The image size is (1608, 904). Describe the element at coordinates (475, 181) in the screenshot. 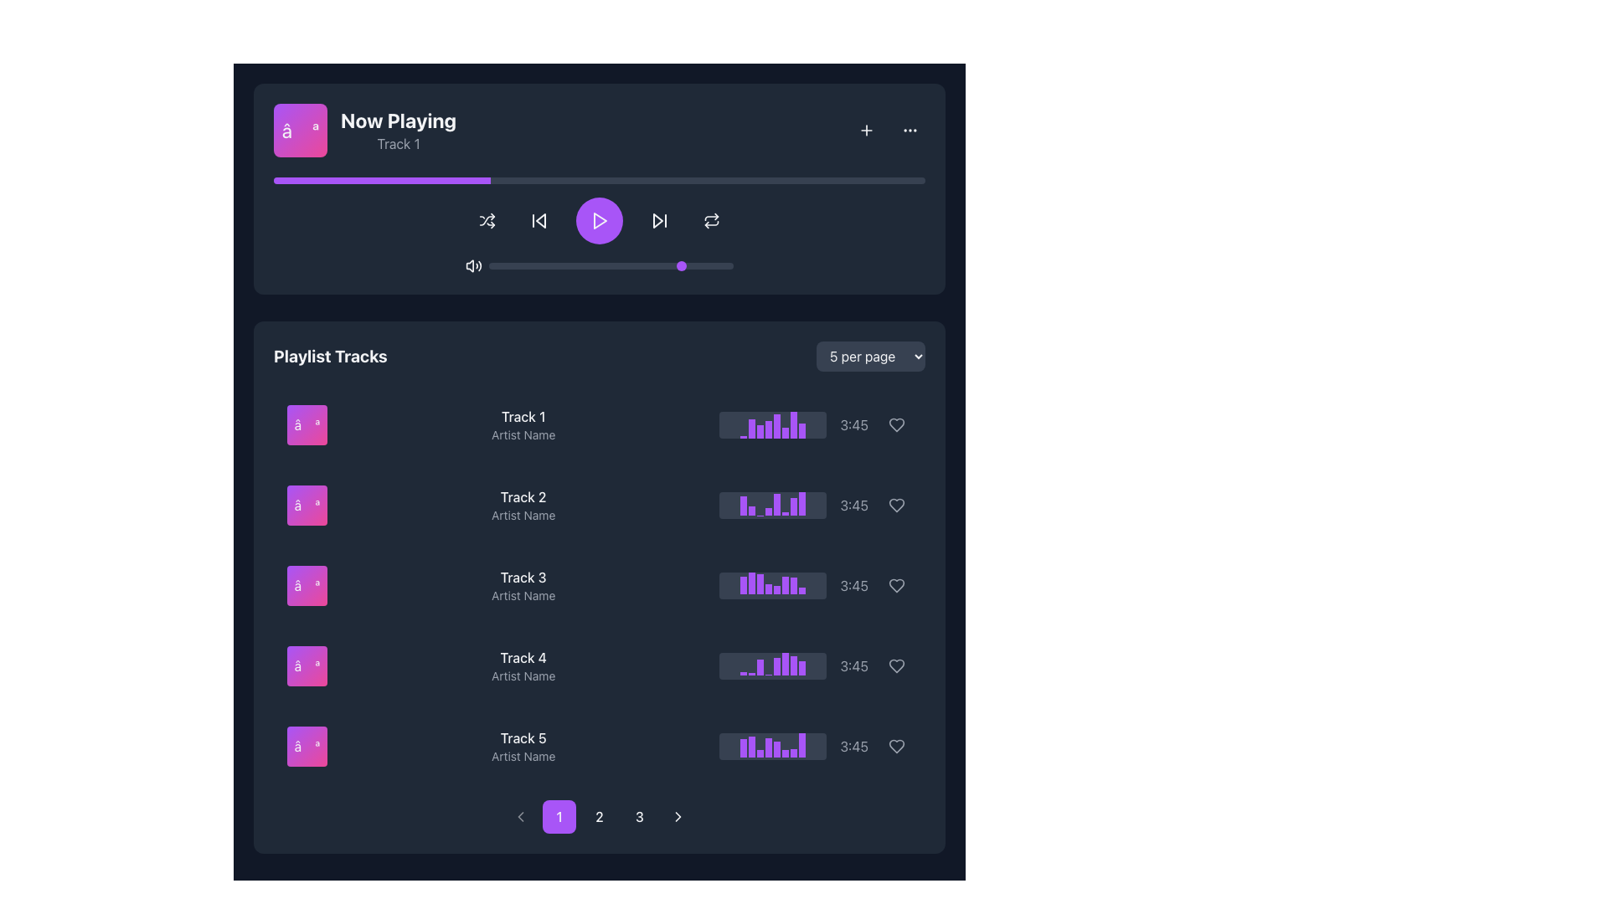

I see `playback progress` at that location.